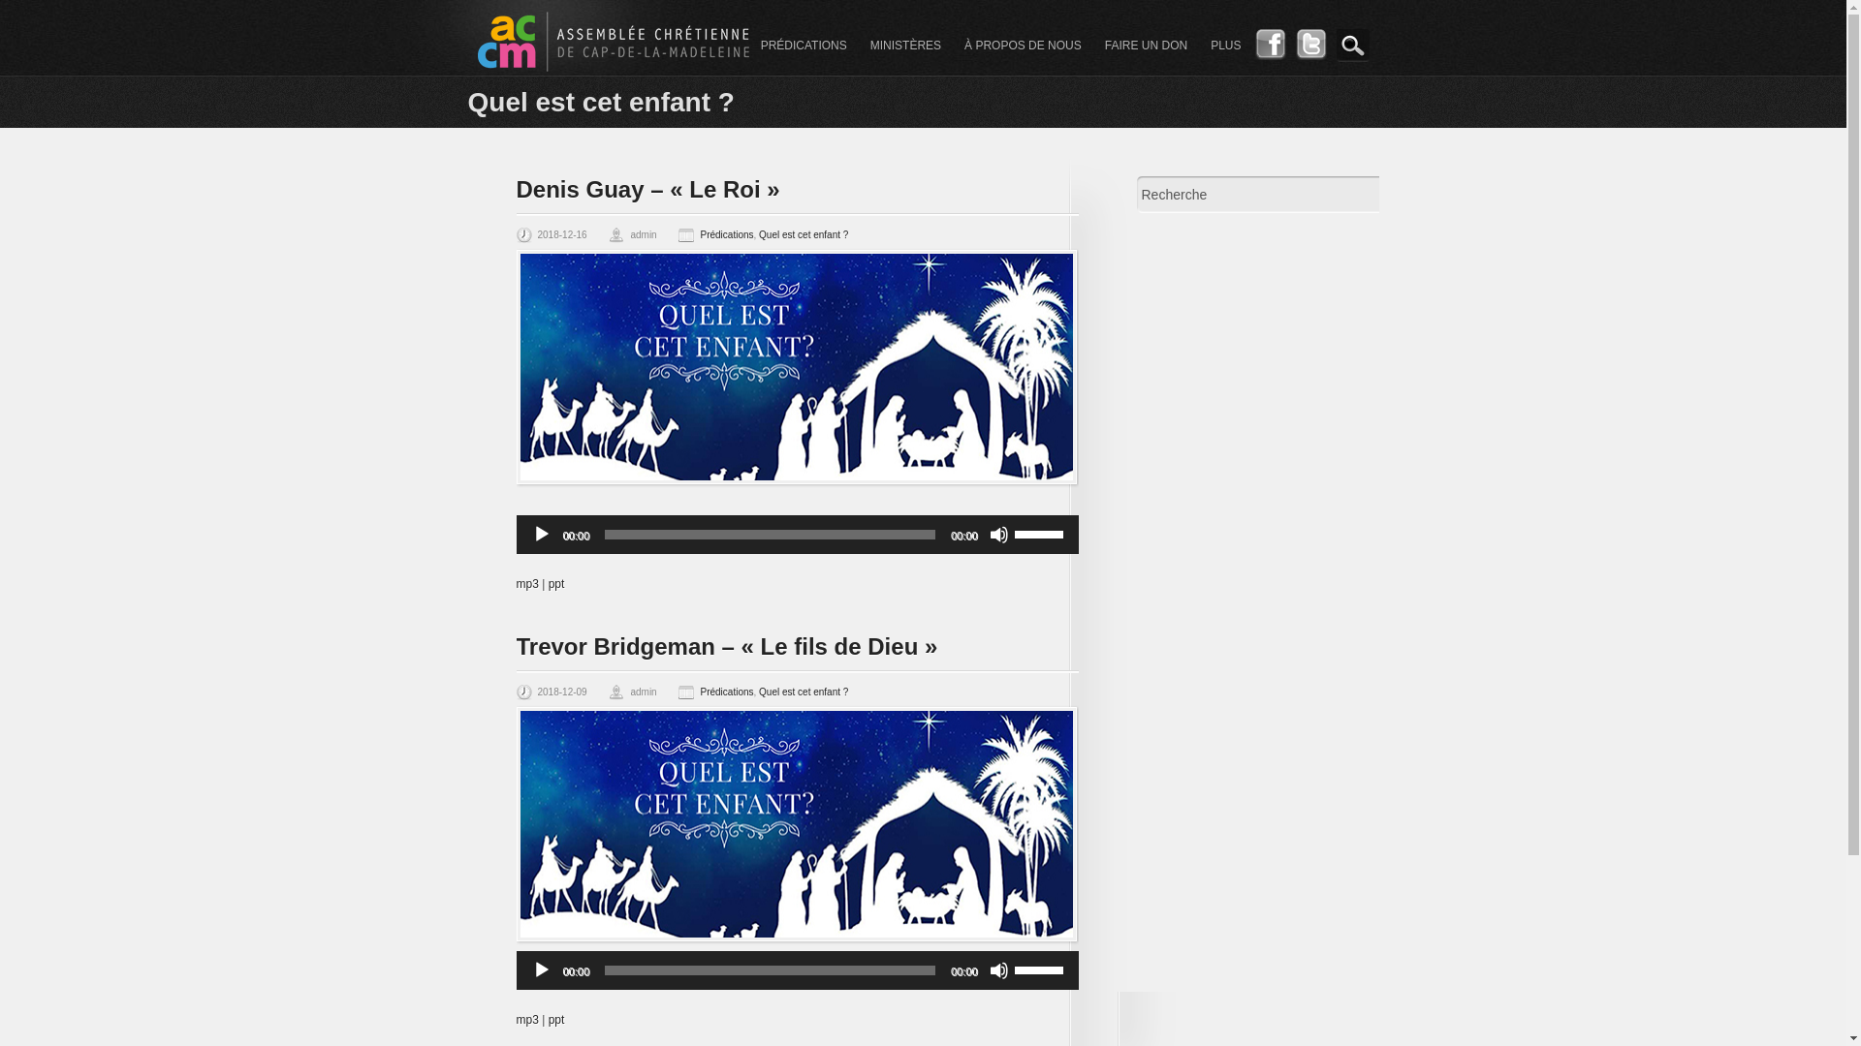 The width and height of the screenshot is (1861, 1046). I want to click on 'FAIRE UN DON', so click(1146, 45).